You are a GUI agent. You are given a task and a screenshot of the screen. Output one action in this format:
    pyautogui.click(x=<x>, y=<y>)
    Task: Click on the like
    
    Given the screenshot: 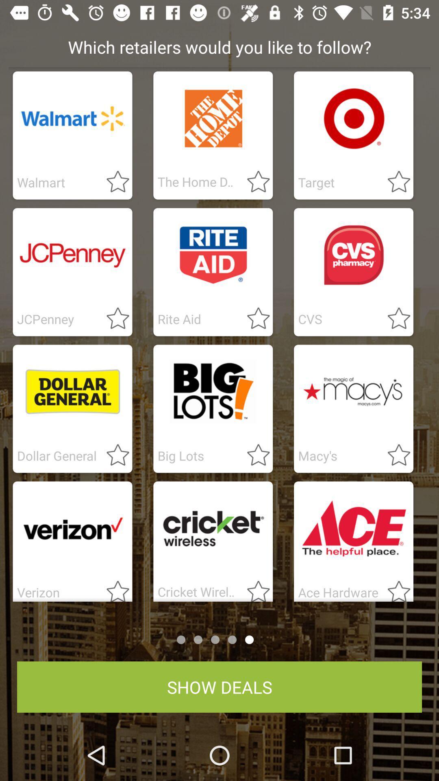 What is the action you would take?
    pyautogui.click(x=113, y=319)
    